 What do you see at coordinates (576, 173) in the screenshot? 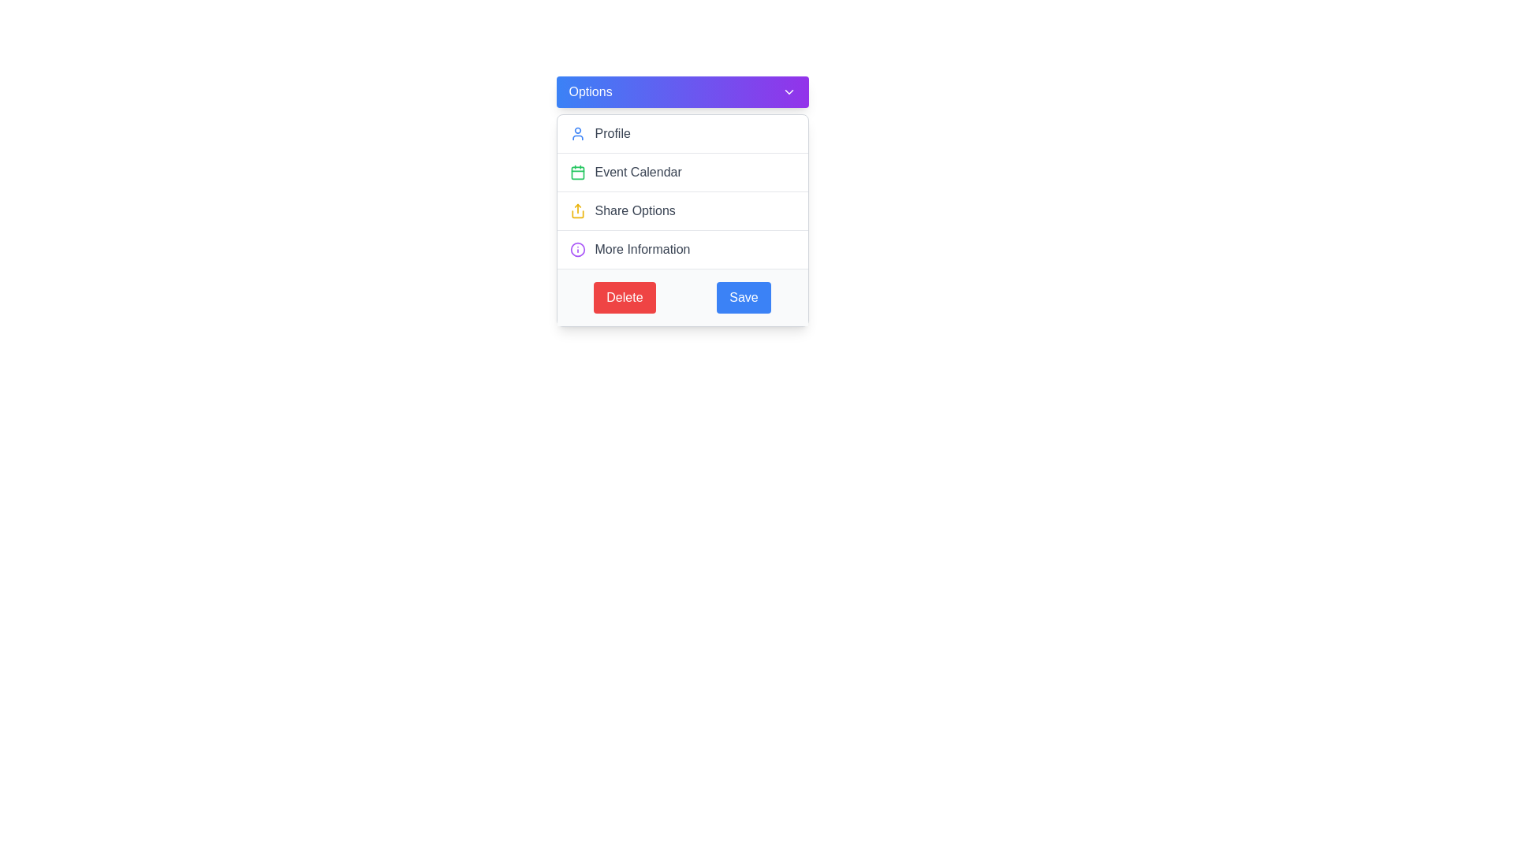
I see `the small green calendar icon outlined in white, located to the left of 'Event Calendar' in the dropdown panel` at bounding box center [576, 173].